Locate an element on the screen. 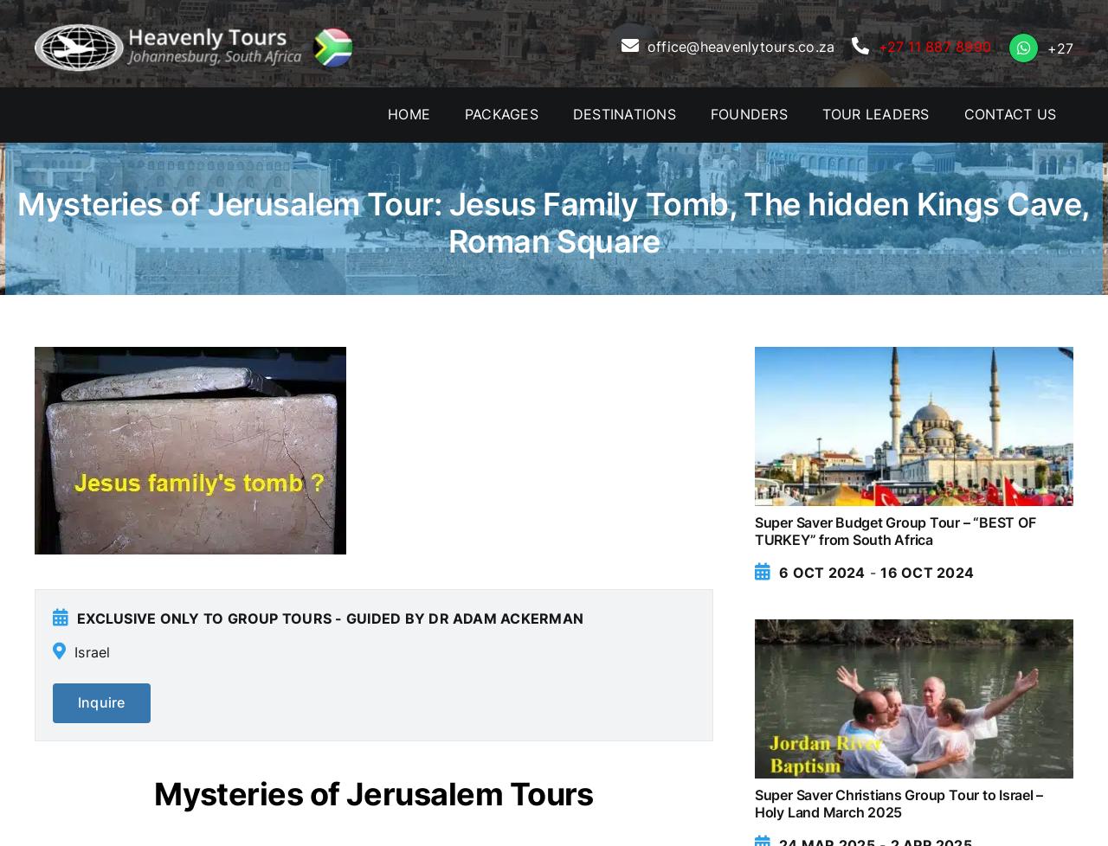 The height and width of the screenshot is (846, 1108). 'Mysteries of Jerusalem Tour: Jesus Family Tomb, The hidden Kings Cave, Roman Square' is located at coordinates (552, 221).